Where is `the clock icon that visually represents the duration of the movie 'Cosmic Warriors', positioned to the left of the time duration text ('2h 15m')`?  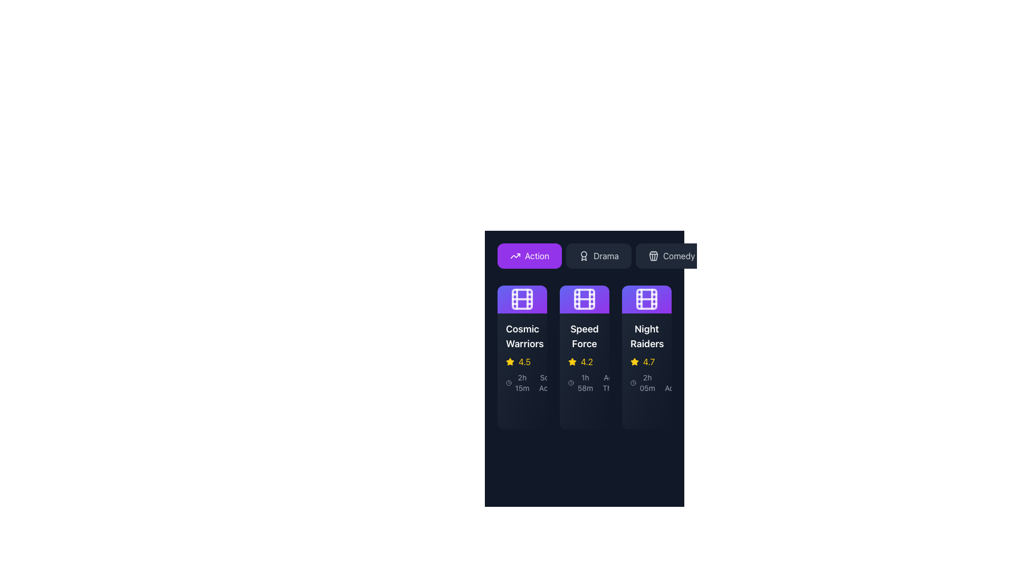
the clock icon that visually represents the duration of the movie 'Cosmic Warriors', positioned to the left of the time duration text ('2h 15m') is located at coordinates (509, 382).